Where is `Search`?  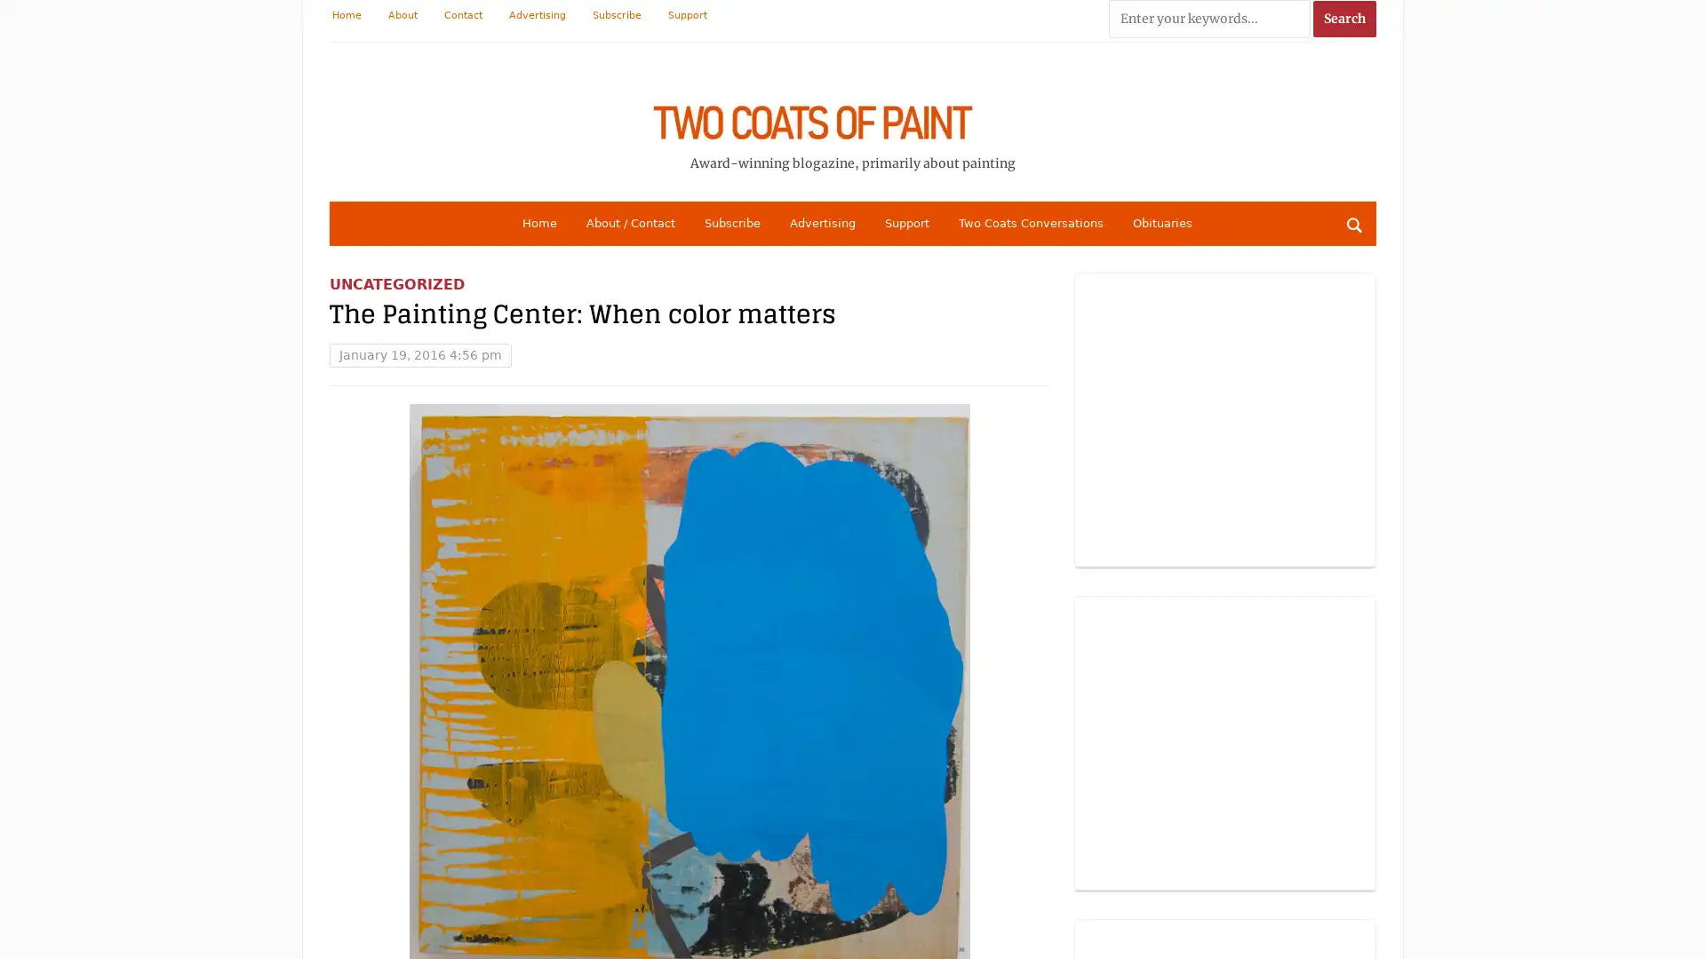 Search is located at coordinates (1344, 19).